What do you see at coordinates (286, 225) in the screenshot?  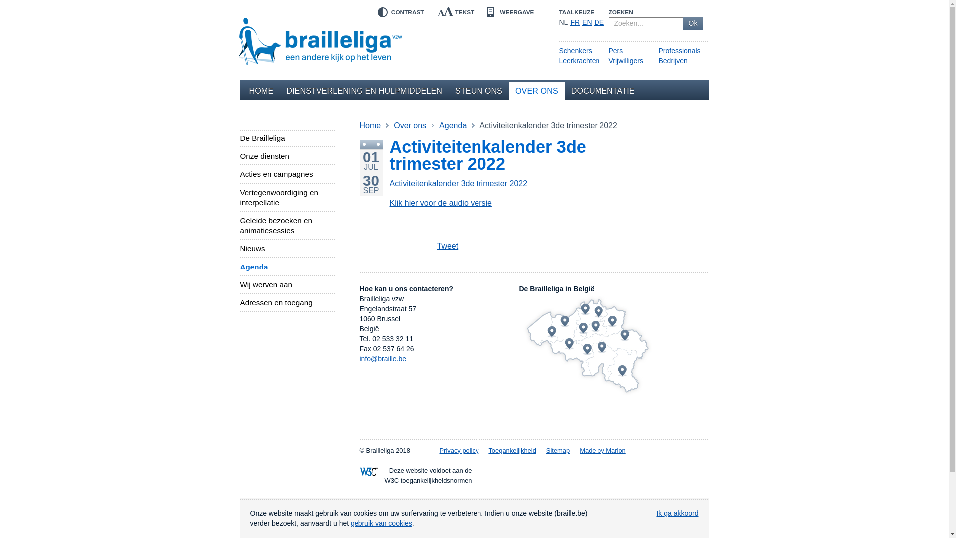 I see `'Geleide bezoeken en animatiesessies'` at bounding box center [286, 225].